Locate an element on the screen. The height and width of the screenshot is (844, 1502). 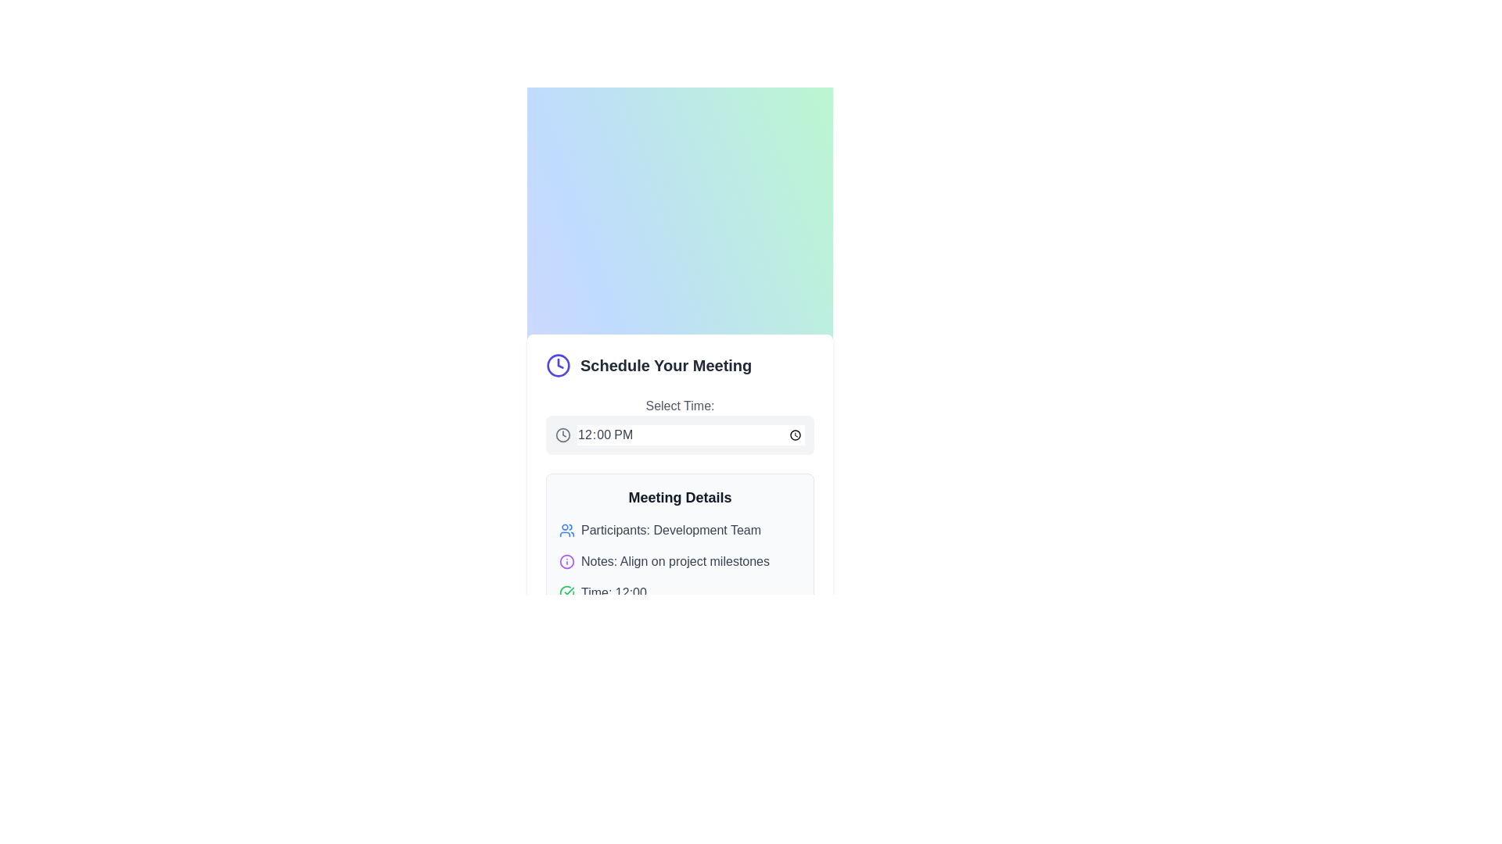
the clock hands component of the clock icon located to the left of the 'Schedule Your Meeting' text in the header section is located at coordinates (560, 363).